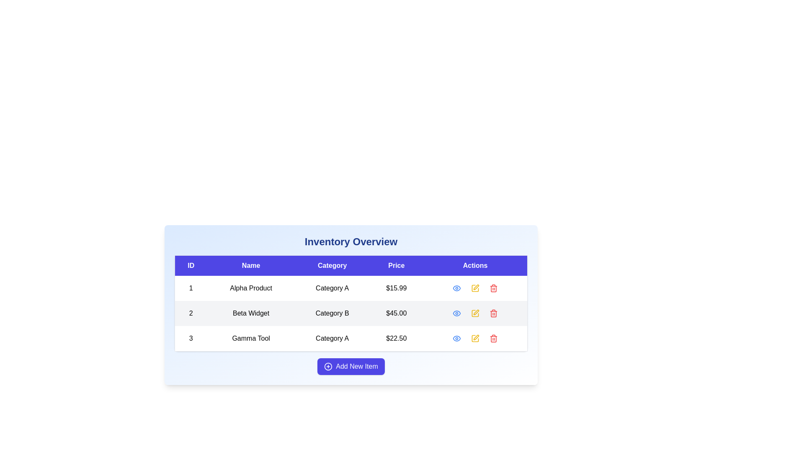  Describe the element at coordinates (250, 338) in the screenshot. I see `text label identifying the item in the inventory list as 'Gamma Tool', located in the second column of the third row under the 'Inventory Overview' header` at that location.